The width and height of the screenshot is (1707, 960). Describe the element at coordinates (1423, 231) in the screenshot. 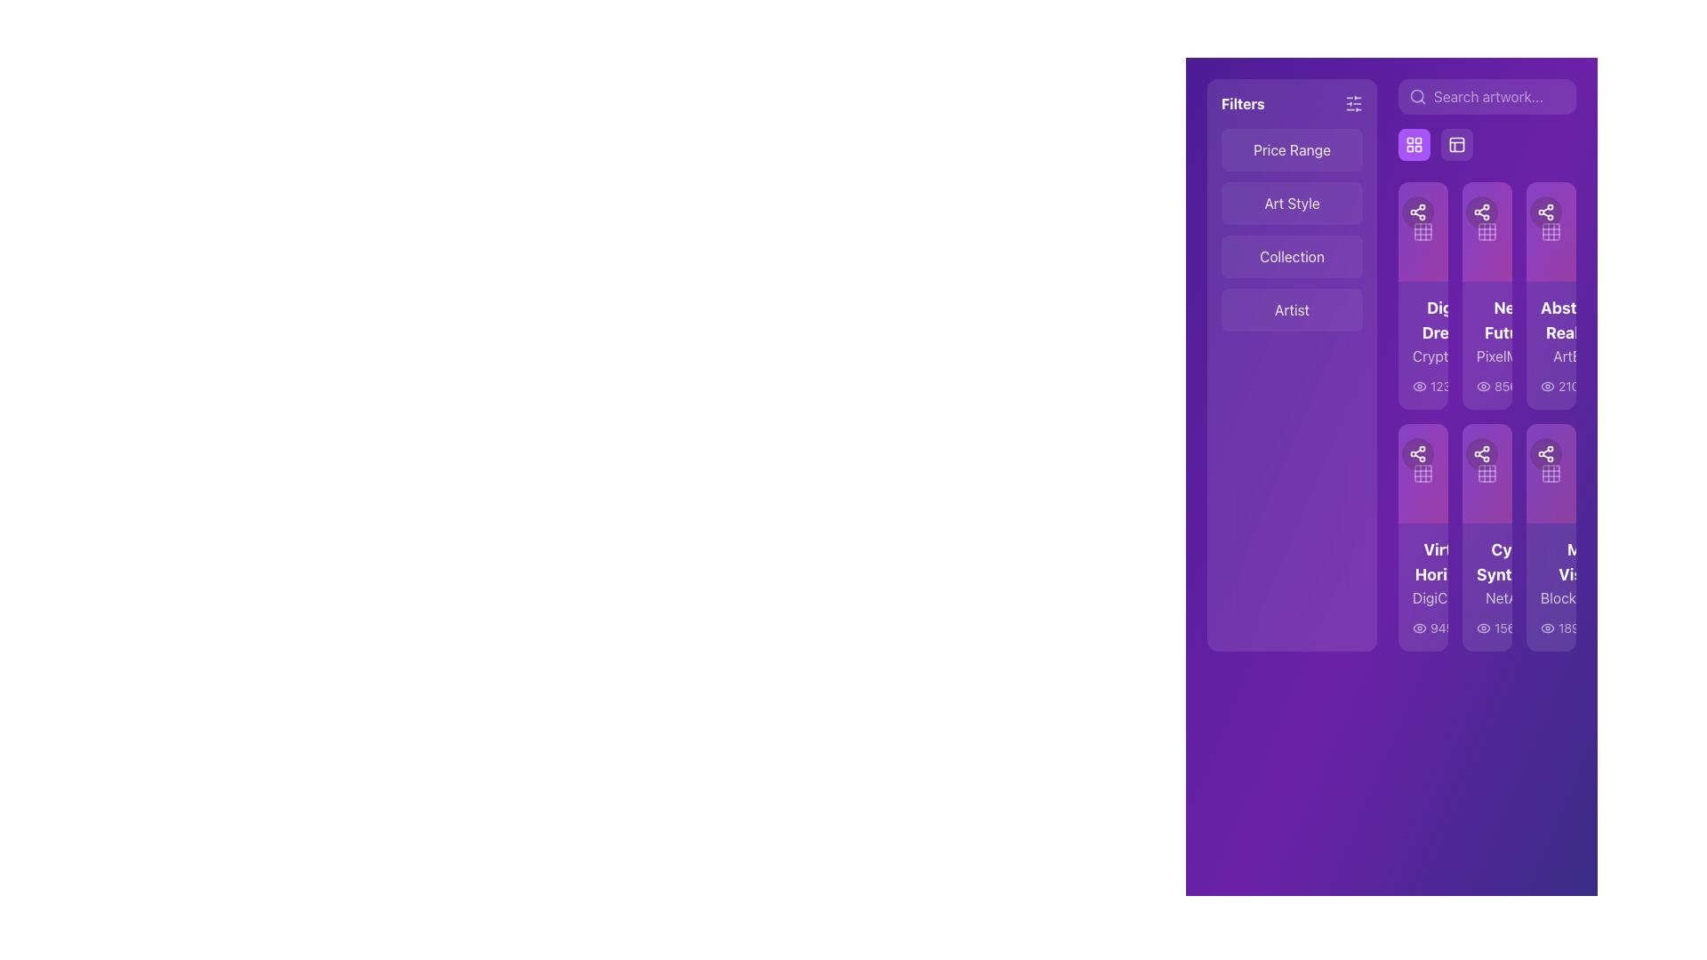

I see `the grid icon button located at the top-left corner of the card, which features a gradient background from purple to pink and a white grid icon in the center` at that location.